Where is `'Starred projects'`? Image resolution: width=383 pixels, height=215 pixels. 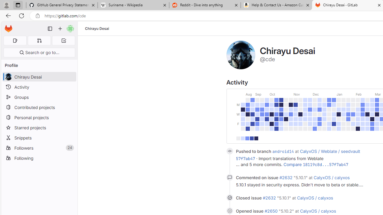
'Starred projects' is located at coordinates (39, 127).